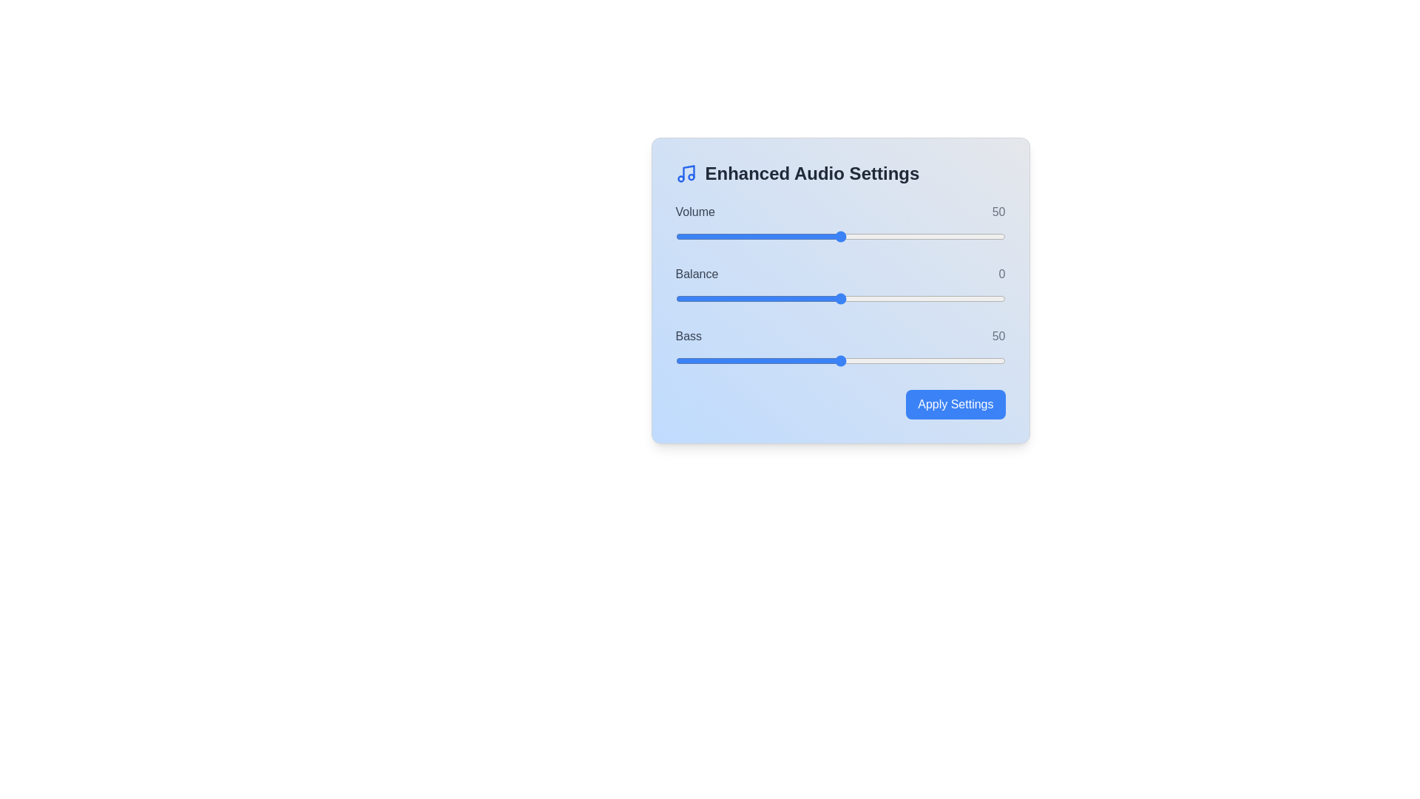 This screenshot has height=799, width=1420. I want to click on the bass slider to 54 percent, so click(853, 361).